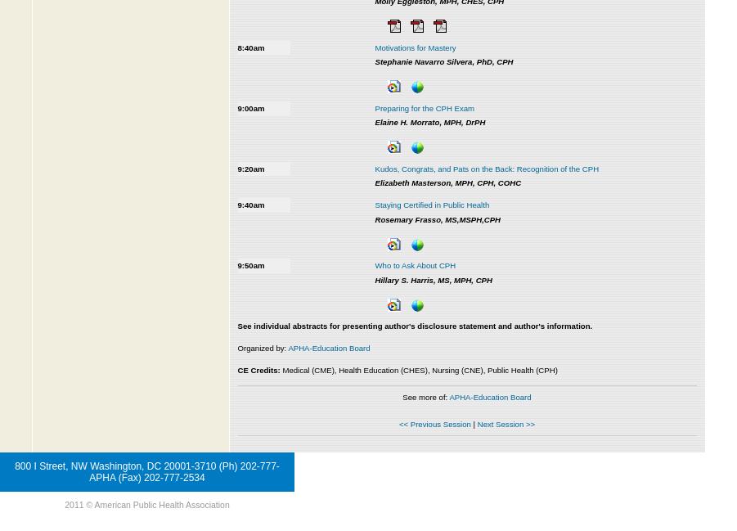 This screenshot has height=531, width=737. Describe the element at coordinates (486, 168) in the screenshot. I see `'Kudos, Congrats, and Pats on the Back: Recognition of the CPH'` at that location.